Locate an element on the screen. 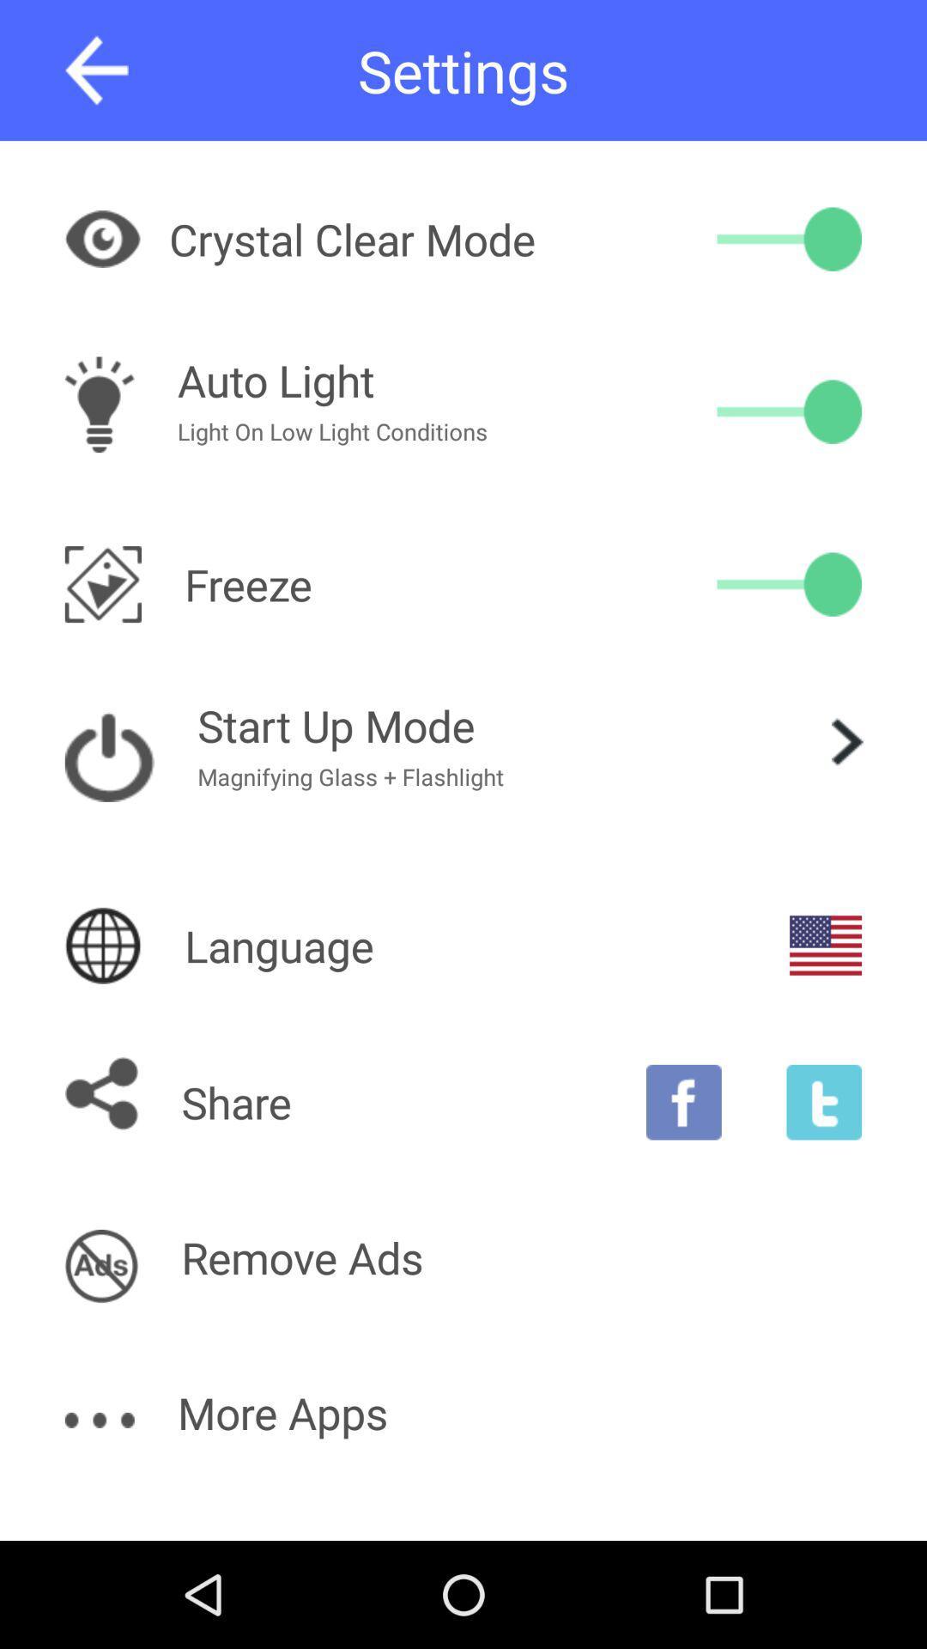 Image resolution: width=927 pixels, height=1649 pixels. the item to the right of crystal clear mode app is located at coordinates (789, 238).